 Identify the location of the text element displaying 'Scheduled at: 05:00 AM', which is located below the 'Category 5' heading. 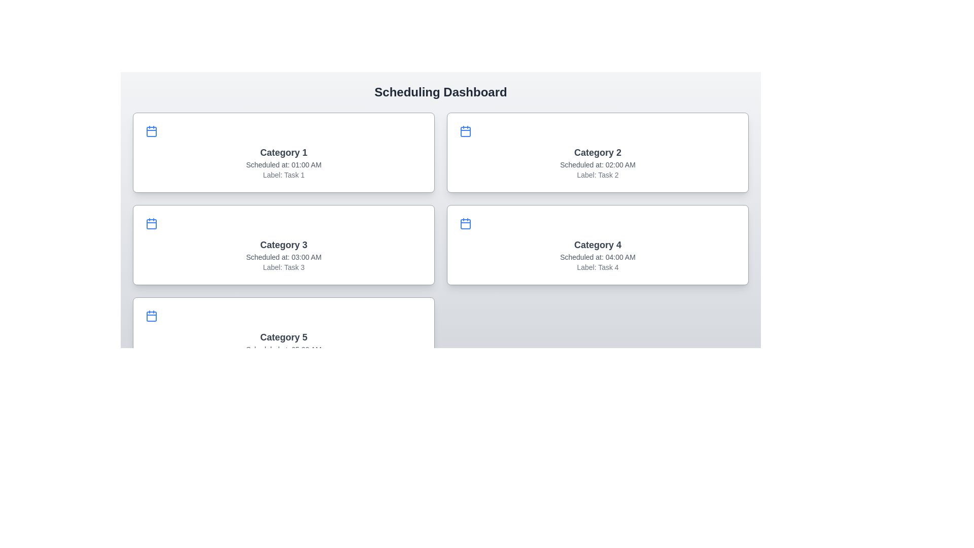
(284, 349).